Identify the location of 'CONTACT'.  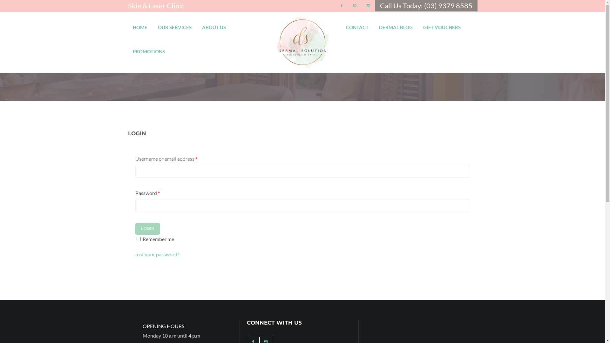
(357, 24).